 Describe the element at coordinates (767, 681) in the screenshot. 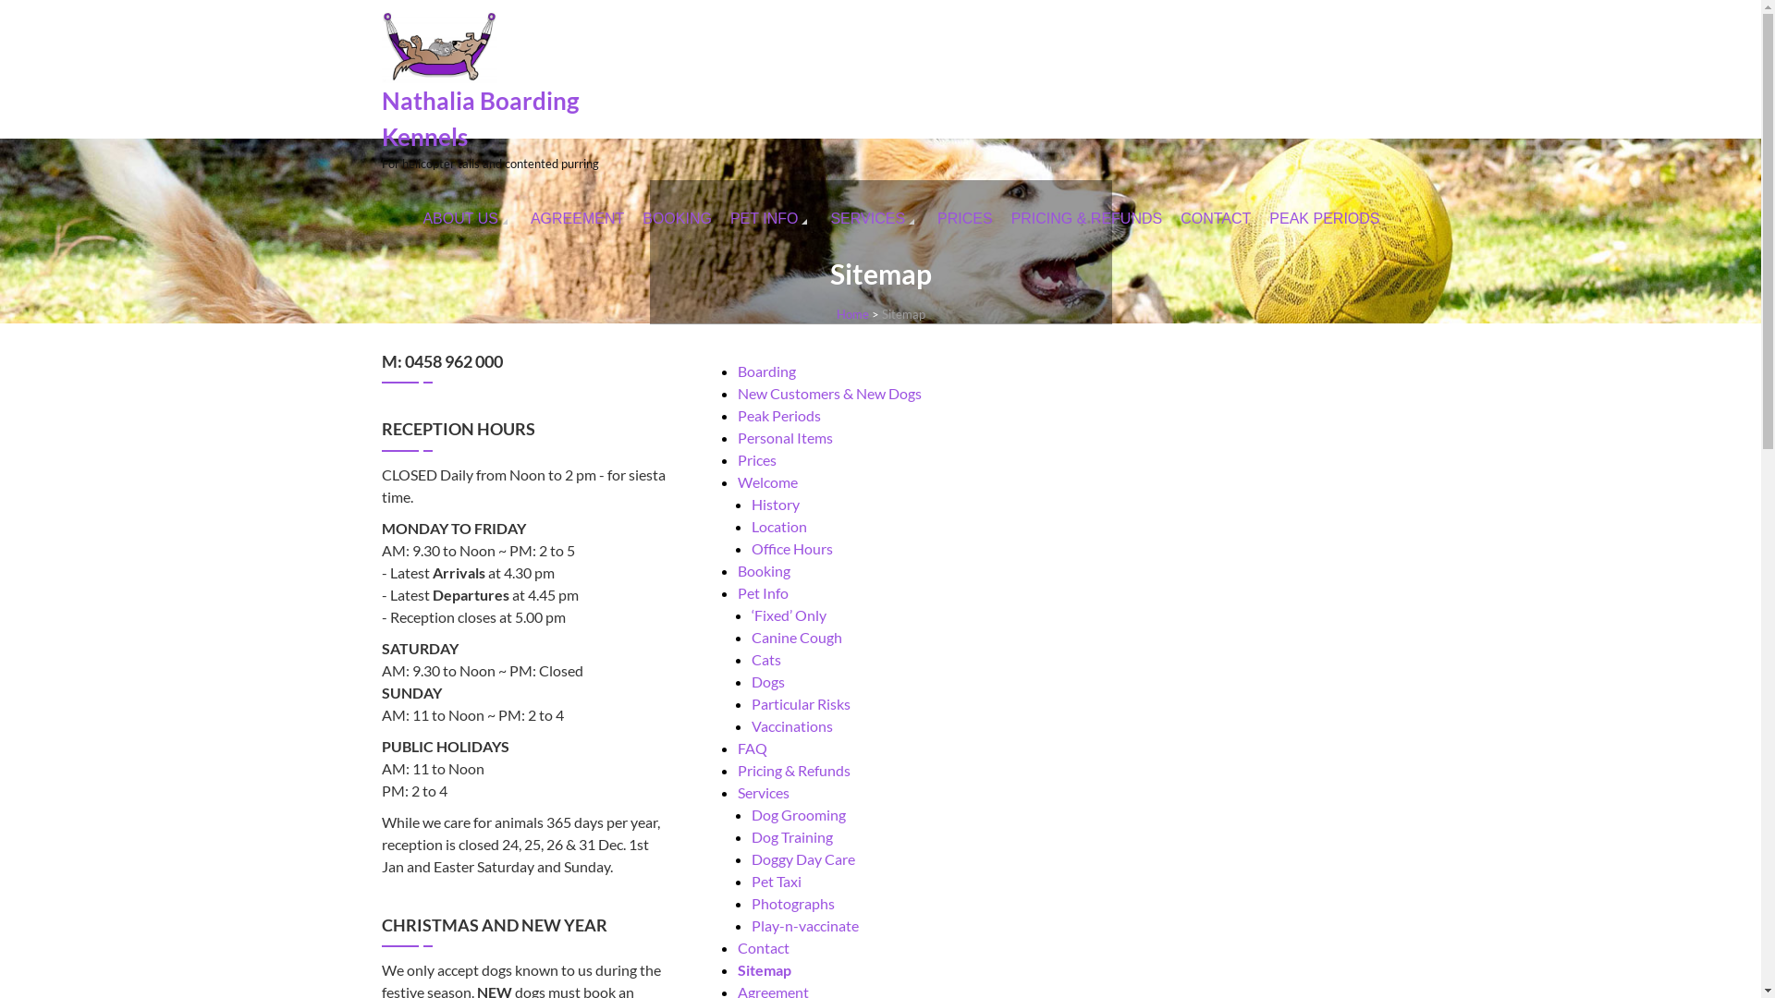

I see `'Dogs'` at that location.